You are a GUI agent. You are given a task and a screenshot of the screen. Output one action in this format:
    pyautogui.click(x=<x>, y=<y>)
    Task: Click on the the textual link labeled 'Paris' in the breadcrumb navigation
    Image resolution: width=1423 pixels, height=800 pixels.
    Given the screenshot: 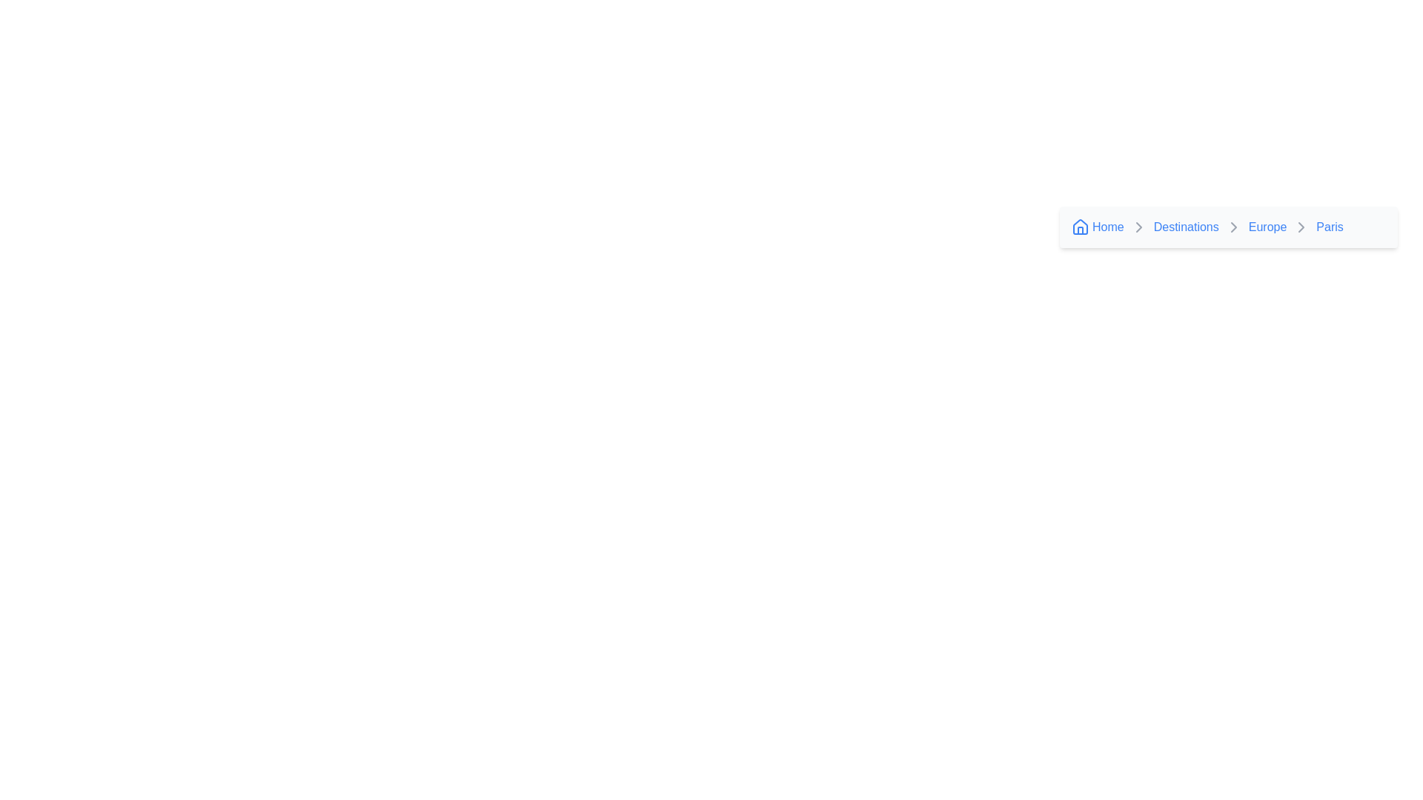 What is the action you would take?
    pyautogui.click(x=1330, y=227)
    